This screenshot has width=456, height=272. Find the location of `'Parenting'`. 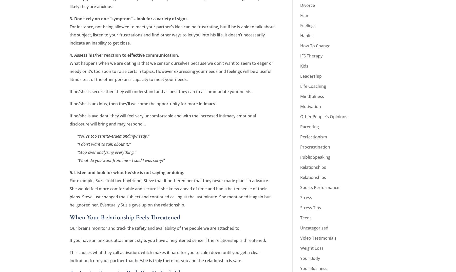

'Parenting' is located at coordinates (309, 126).